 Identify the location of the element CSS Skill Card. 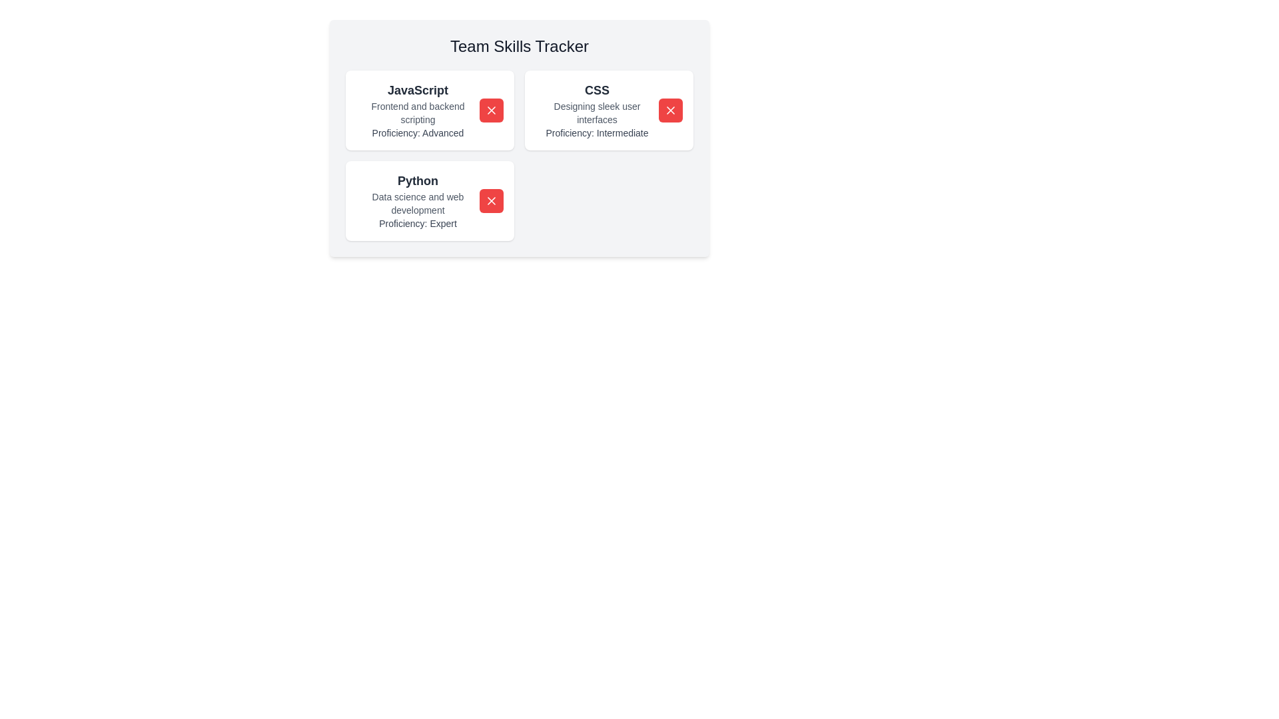
(596, 109).